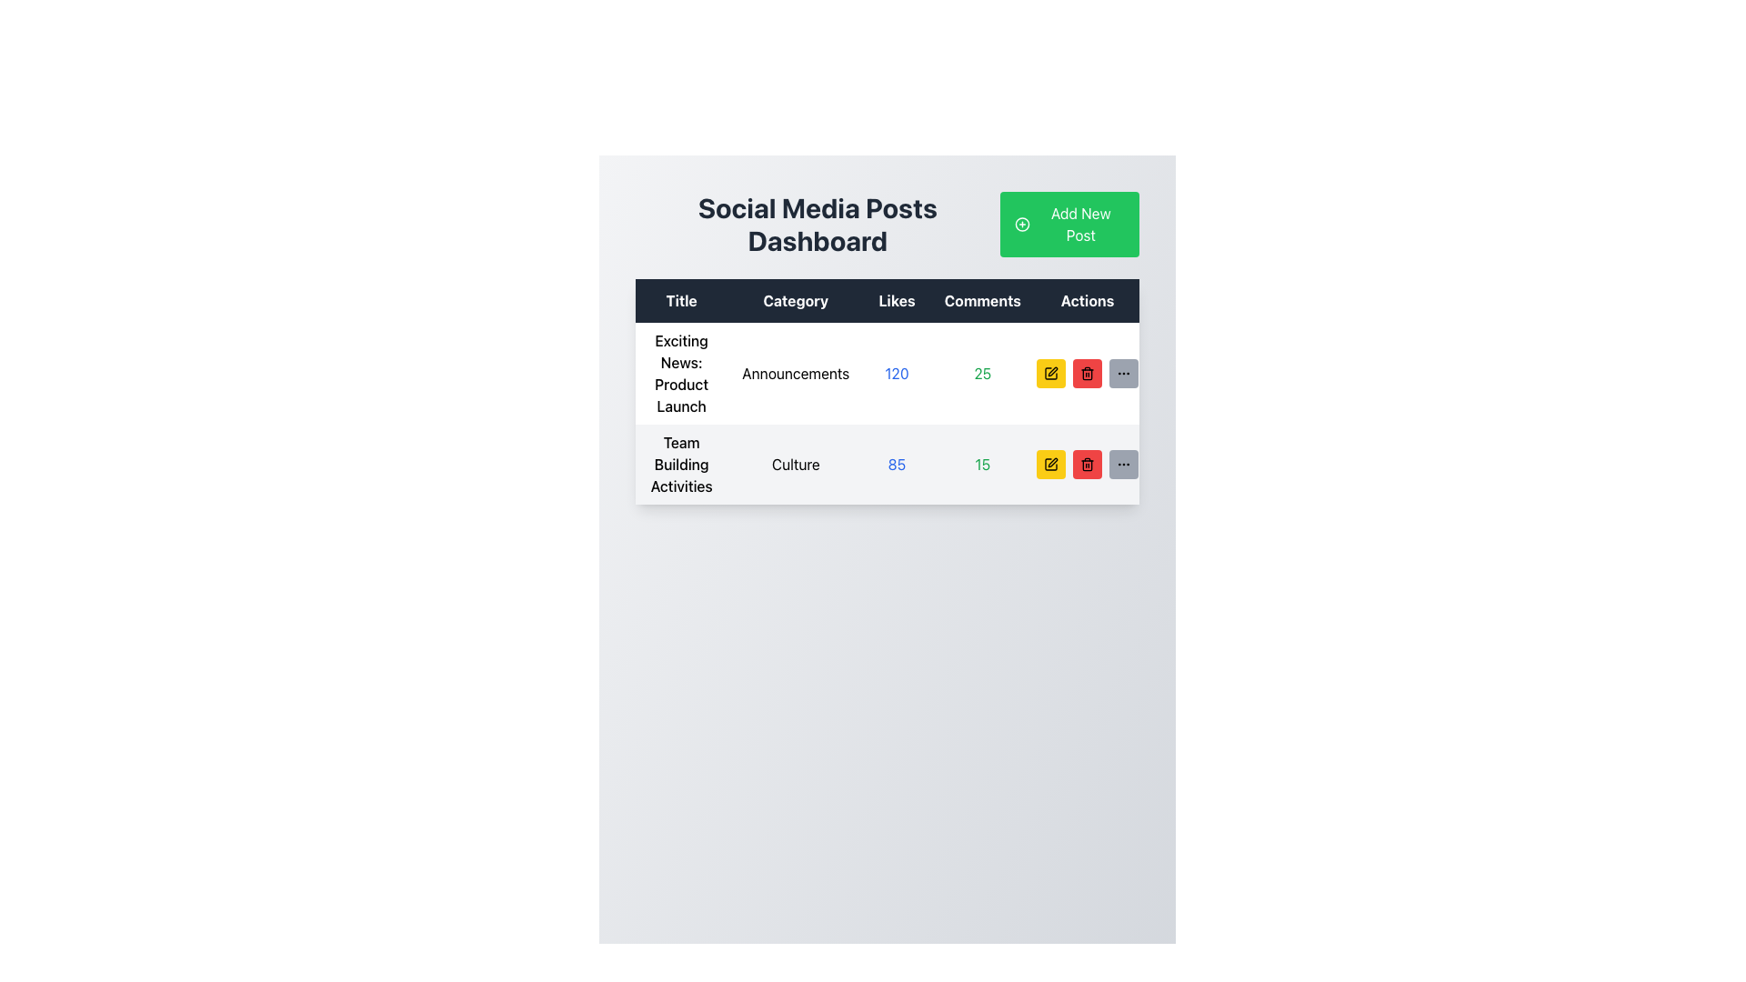 This screenshot has height=982, width=1746. What do you see at coordinates (1069, 223) in the screenshot?
I see `the green rectangular button labeled 'Add New Post' with a circular '+' icon` at bounding box center [1069, 223].